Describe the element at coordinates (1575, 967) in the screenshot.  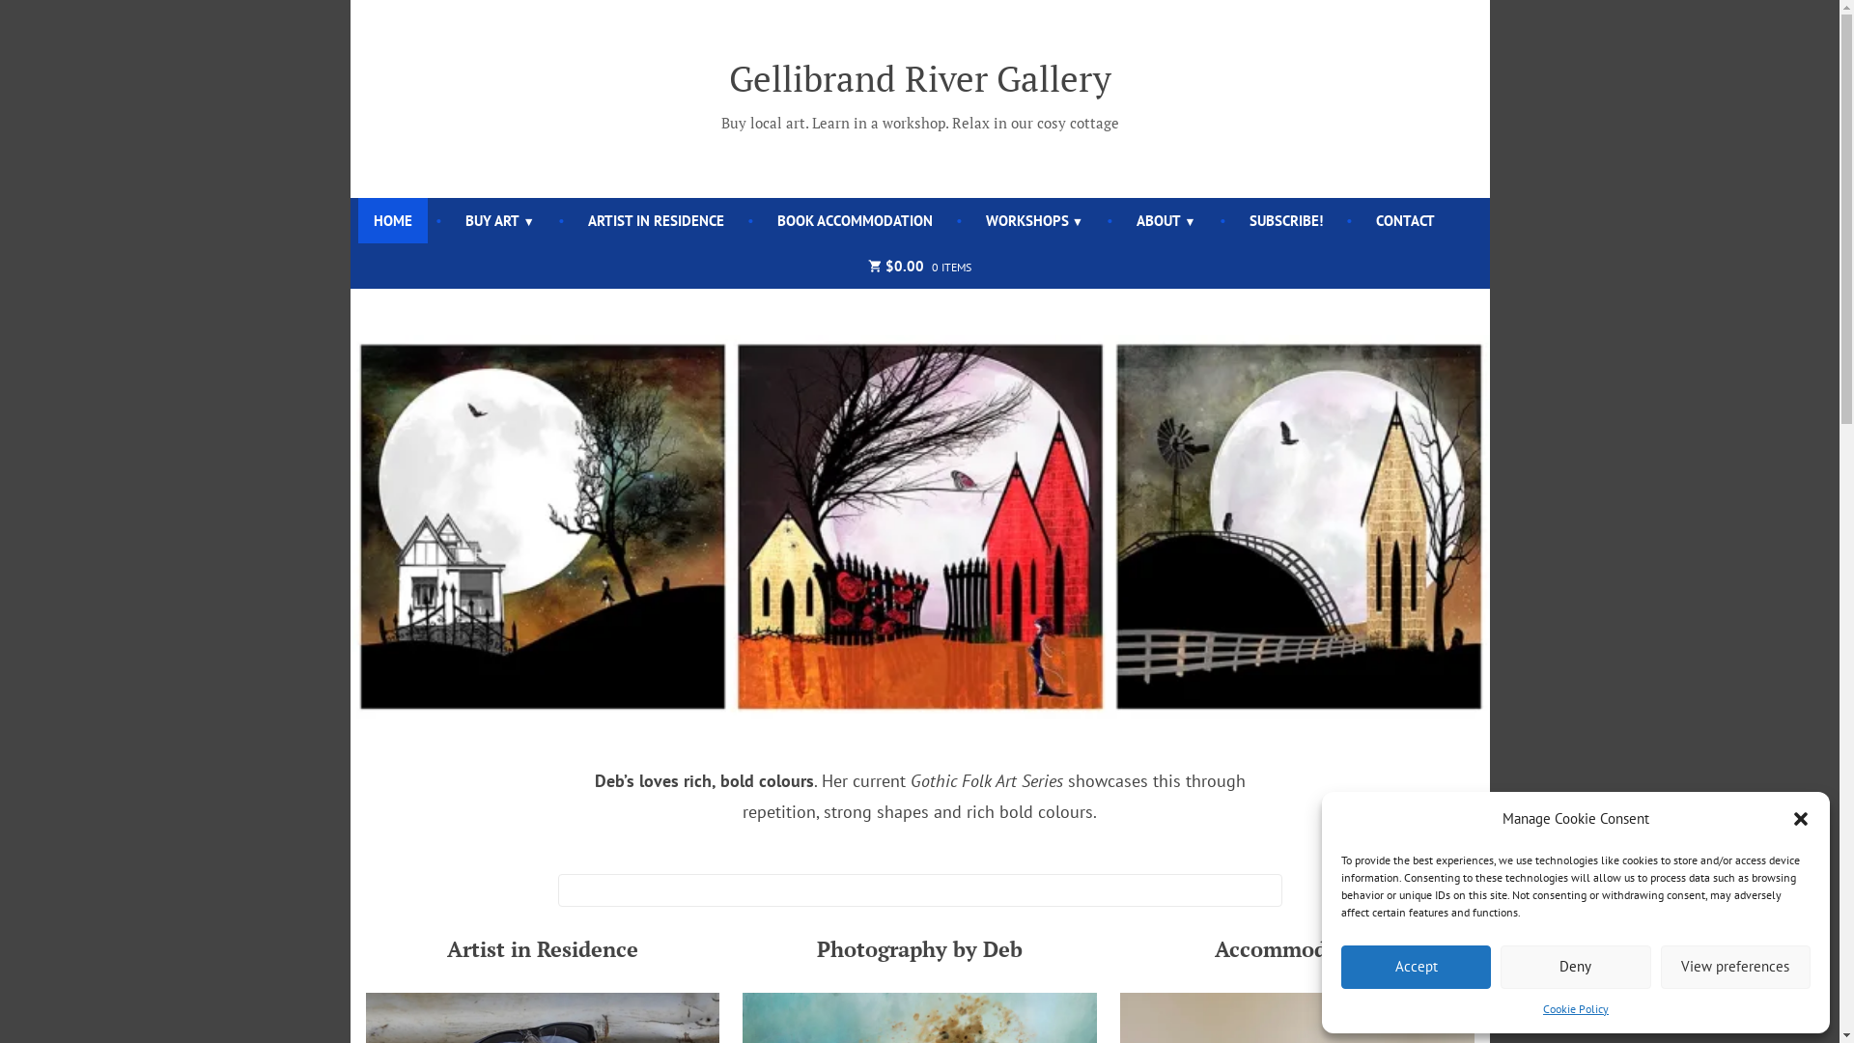
I see `'Deny'` at that location.